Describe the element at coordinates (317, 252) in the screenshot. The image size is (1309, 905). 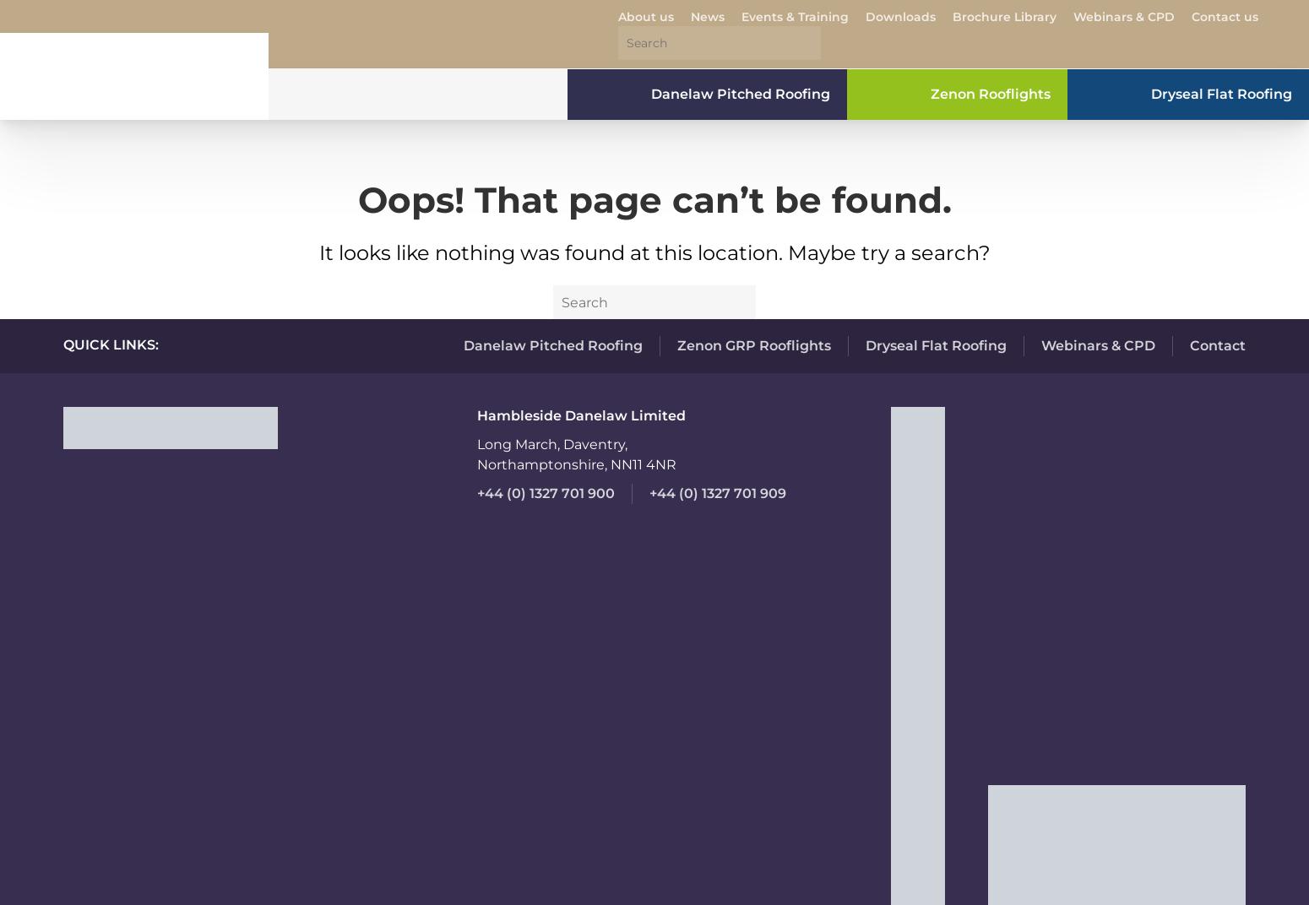
I see `'It looks like nothing was found at this location. Maybe try a search?'` at that location.